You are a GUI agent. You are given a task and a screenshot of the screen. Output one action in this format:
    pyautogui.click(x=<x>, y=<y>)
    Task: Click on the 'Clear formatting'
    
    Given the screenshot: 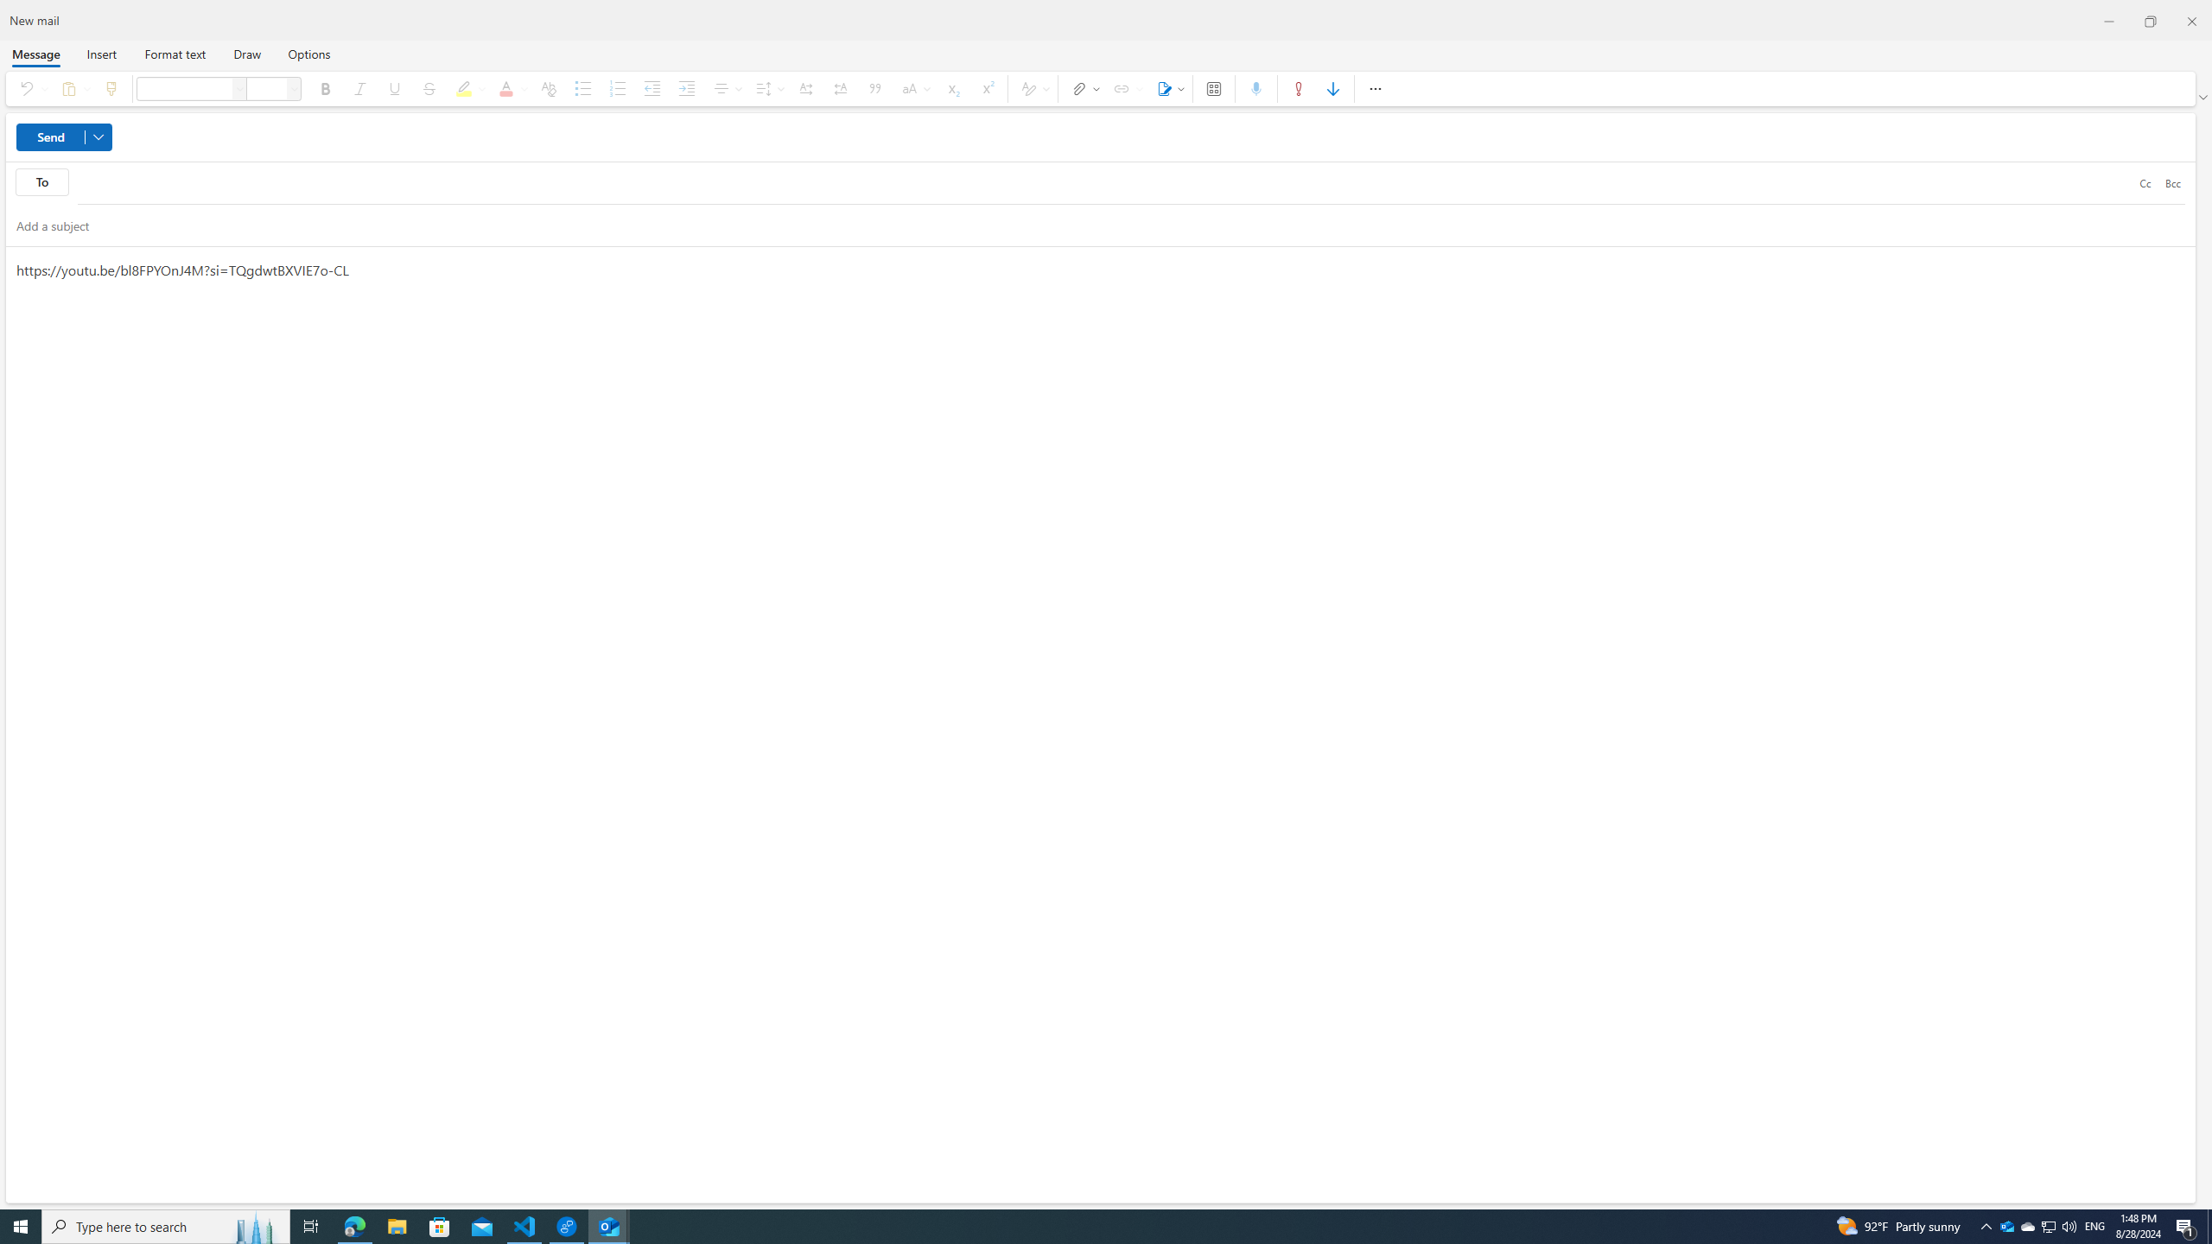 What is the action you would take?
    pyautogui.click(x=547, y=88)
    